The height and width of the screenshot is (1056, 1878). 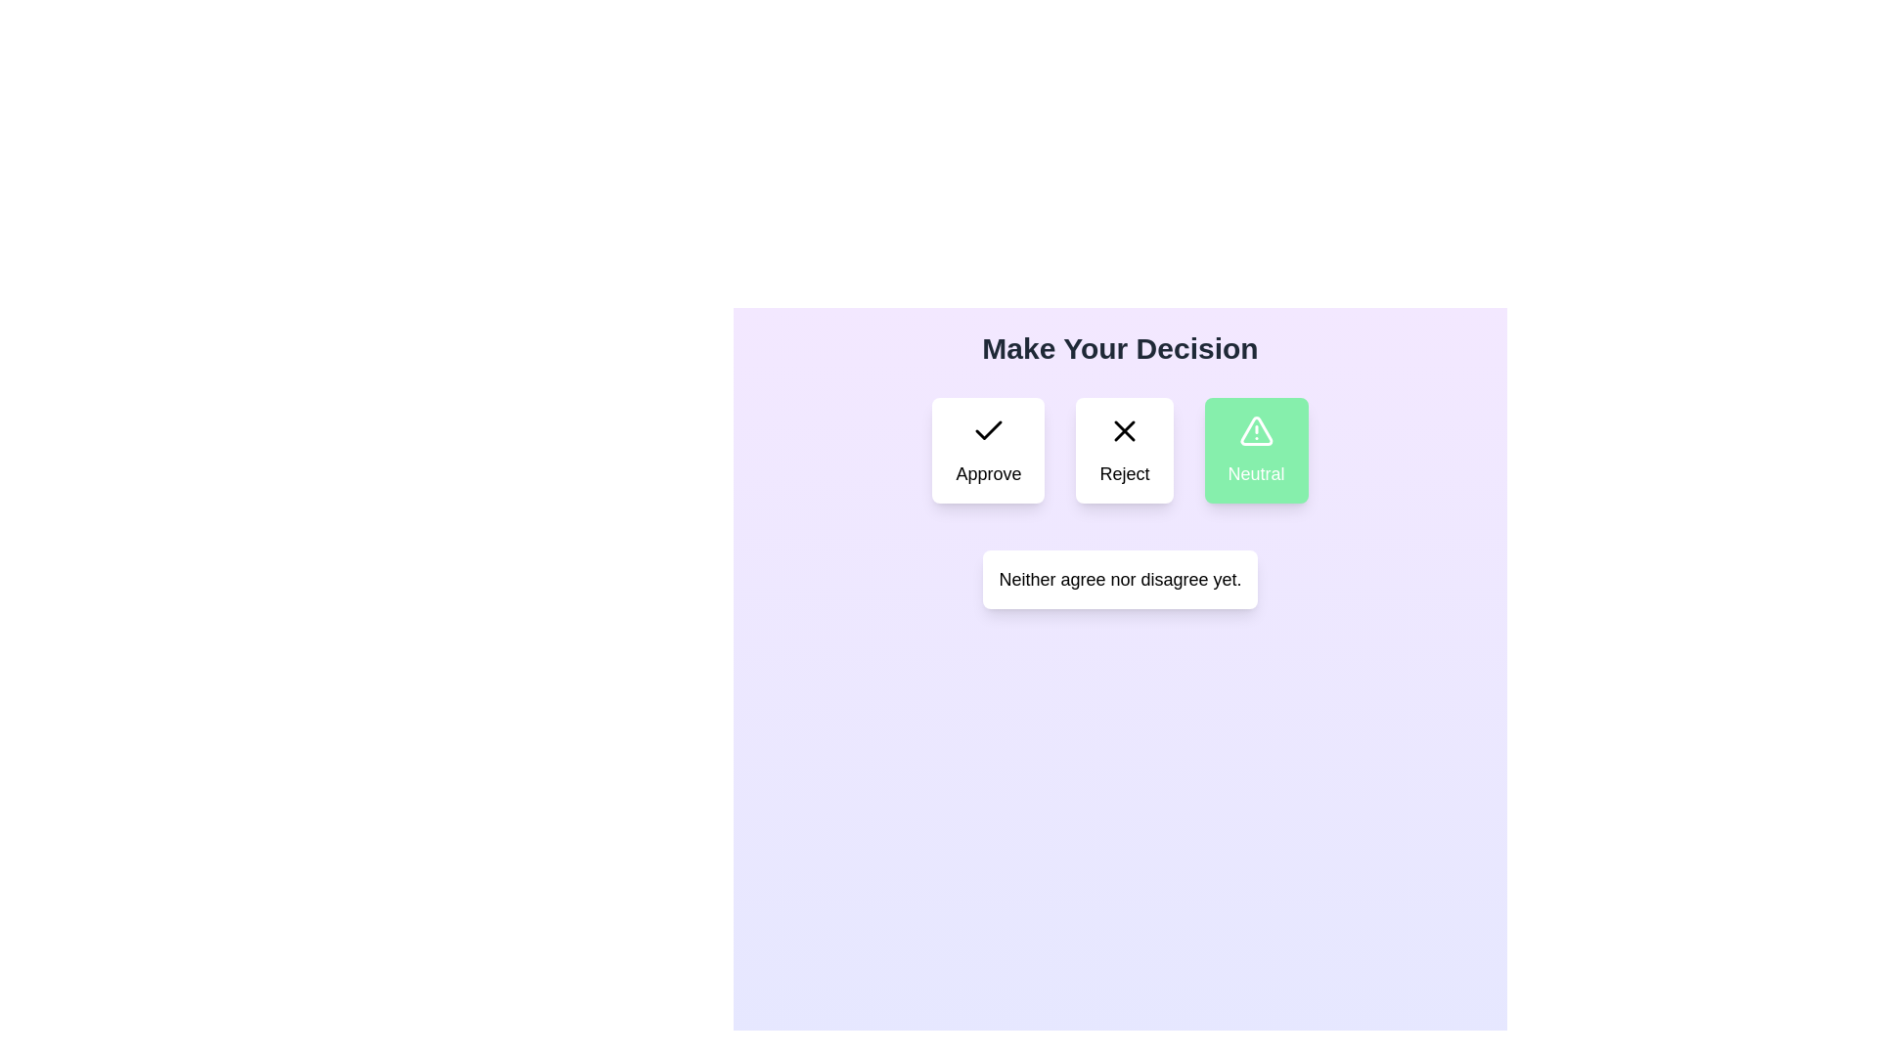 What do you see at coordinates (988, 451) in the screenshot?
I see `the button labeled Approve to observe its visual effect` at bounding box center [988, 451].